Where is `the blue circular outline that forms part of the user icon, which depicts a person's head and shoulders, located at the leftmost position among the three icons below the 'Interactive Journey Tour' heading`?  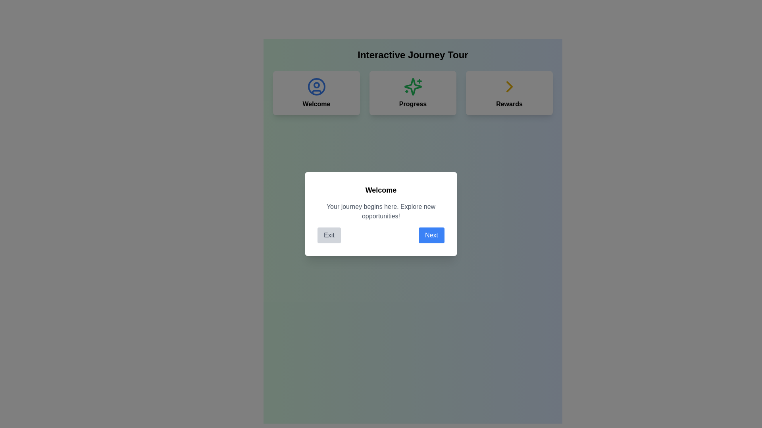 the blue circular outline that forms part of the user icon, which depicts a person's head and shoulders, located at the leftmost position among the three icons below the 'Interactive Journey Tour' heading is located at coordinates (316, 87).